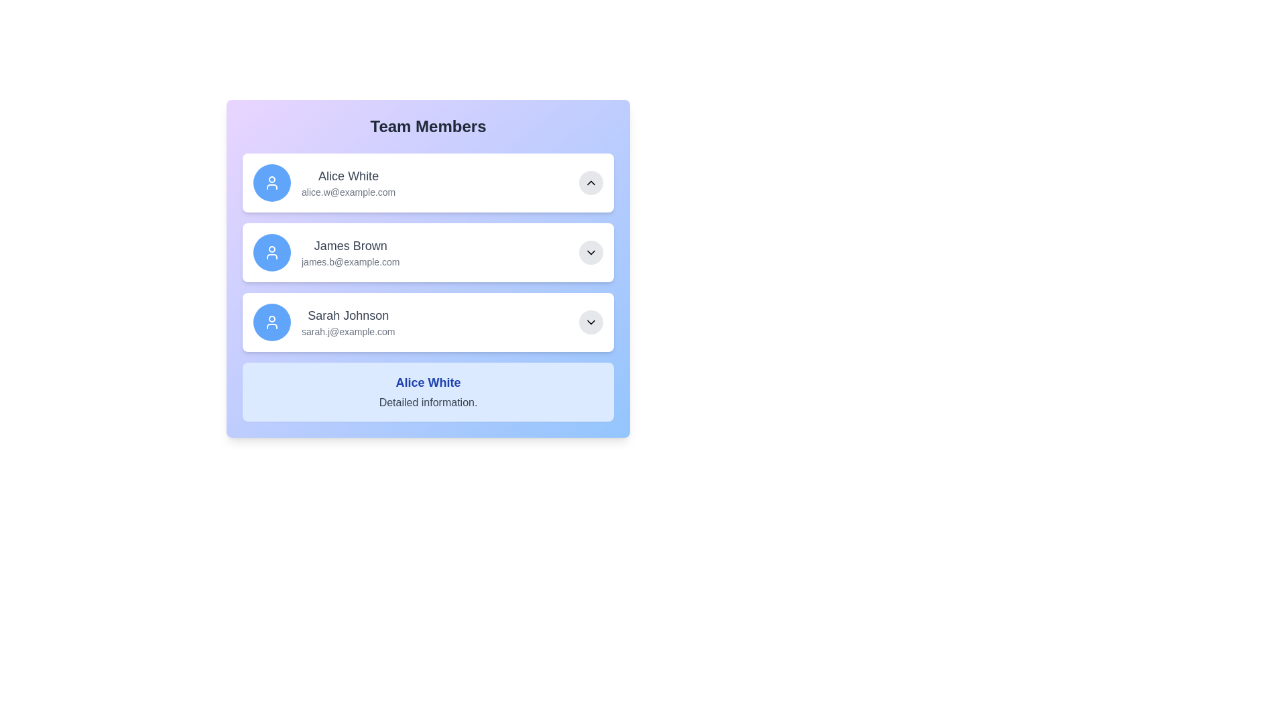 Image resolution: width=1287 pixels, height=724 pixels. I want to click on text label displaying the name 'James Brown', which is centrally located in the list of team members, so click(351, 245).